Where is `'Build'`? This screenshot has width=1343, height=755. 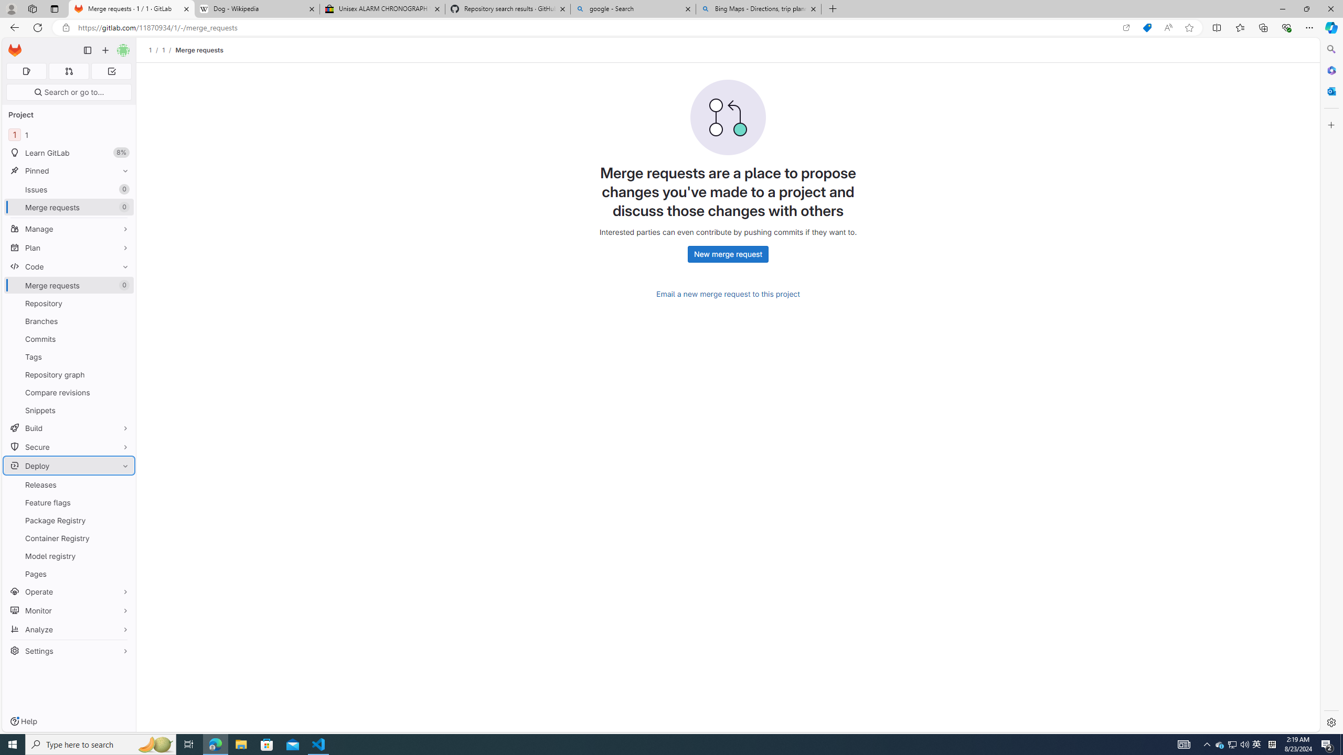
'Build' is located at coordinates (68, 427).